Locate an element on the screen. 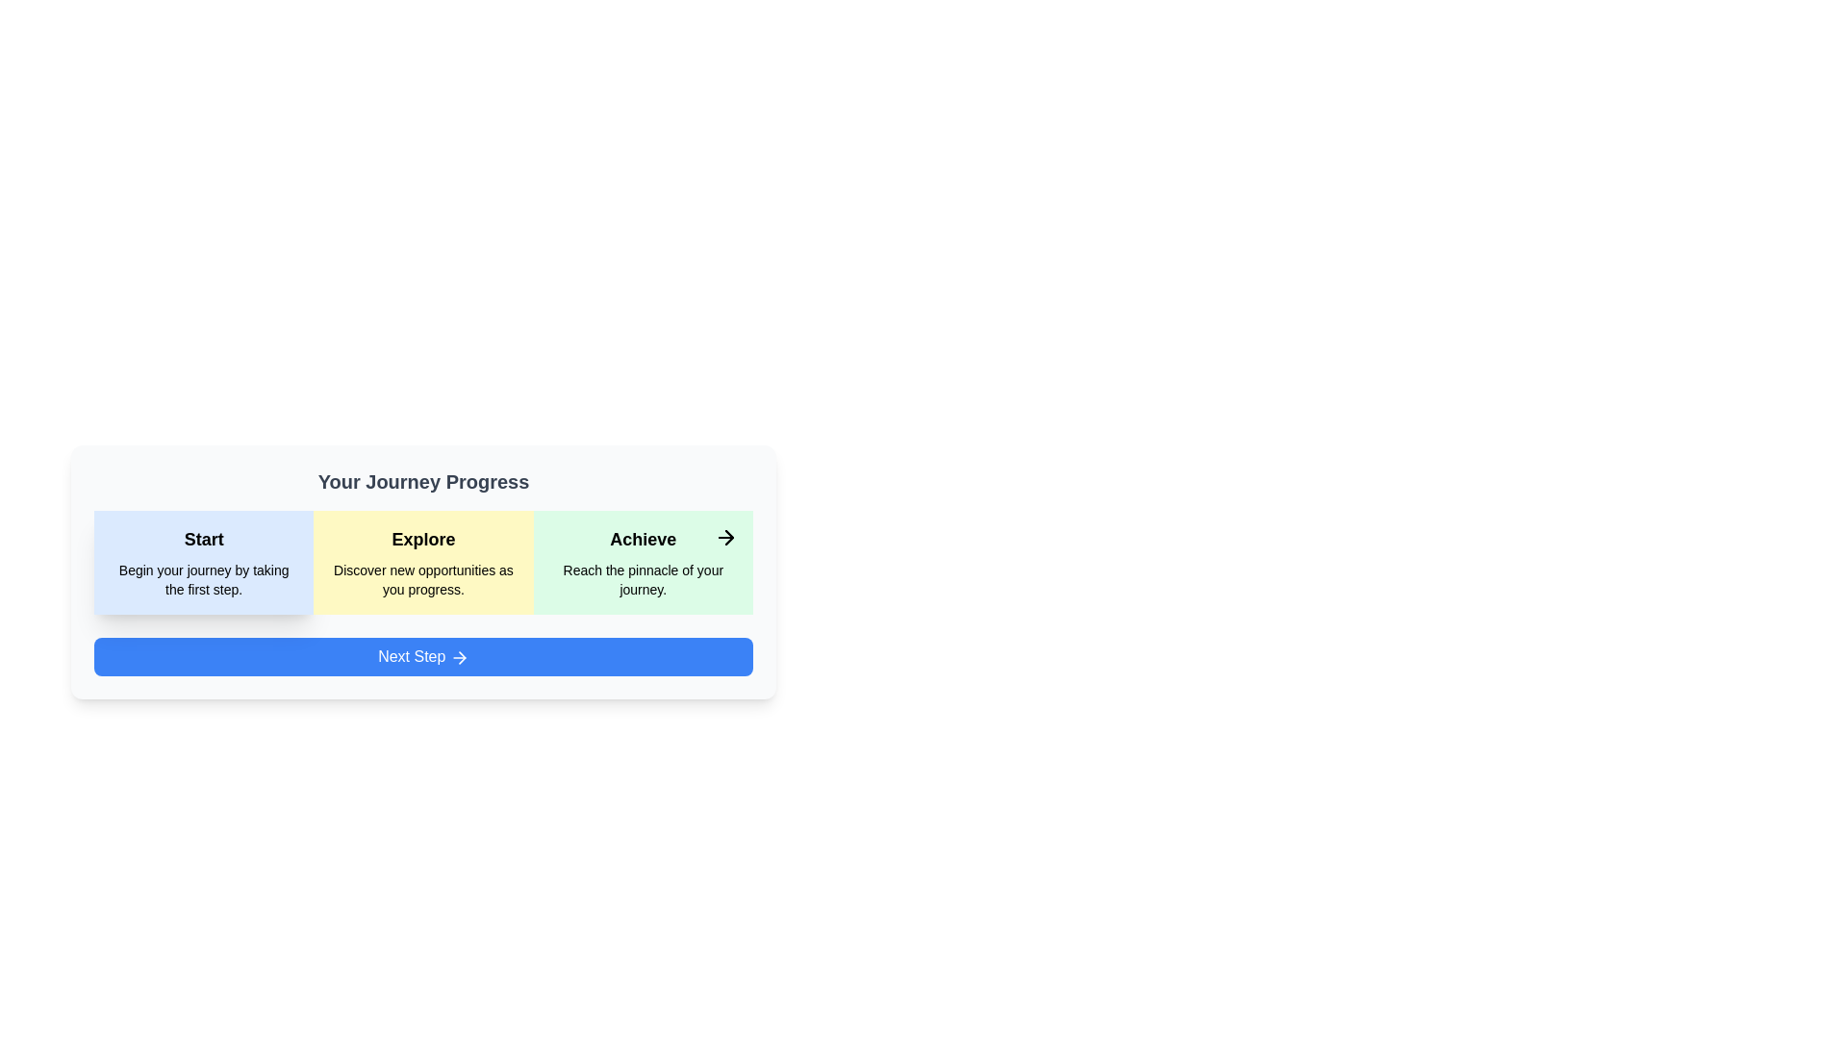  the Informative card titled 'Explore', which has a light yellow background and bold black text, located in the center of the tripartite layout is located at coordinates (422, 588).